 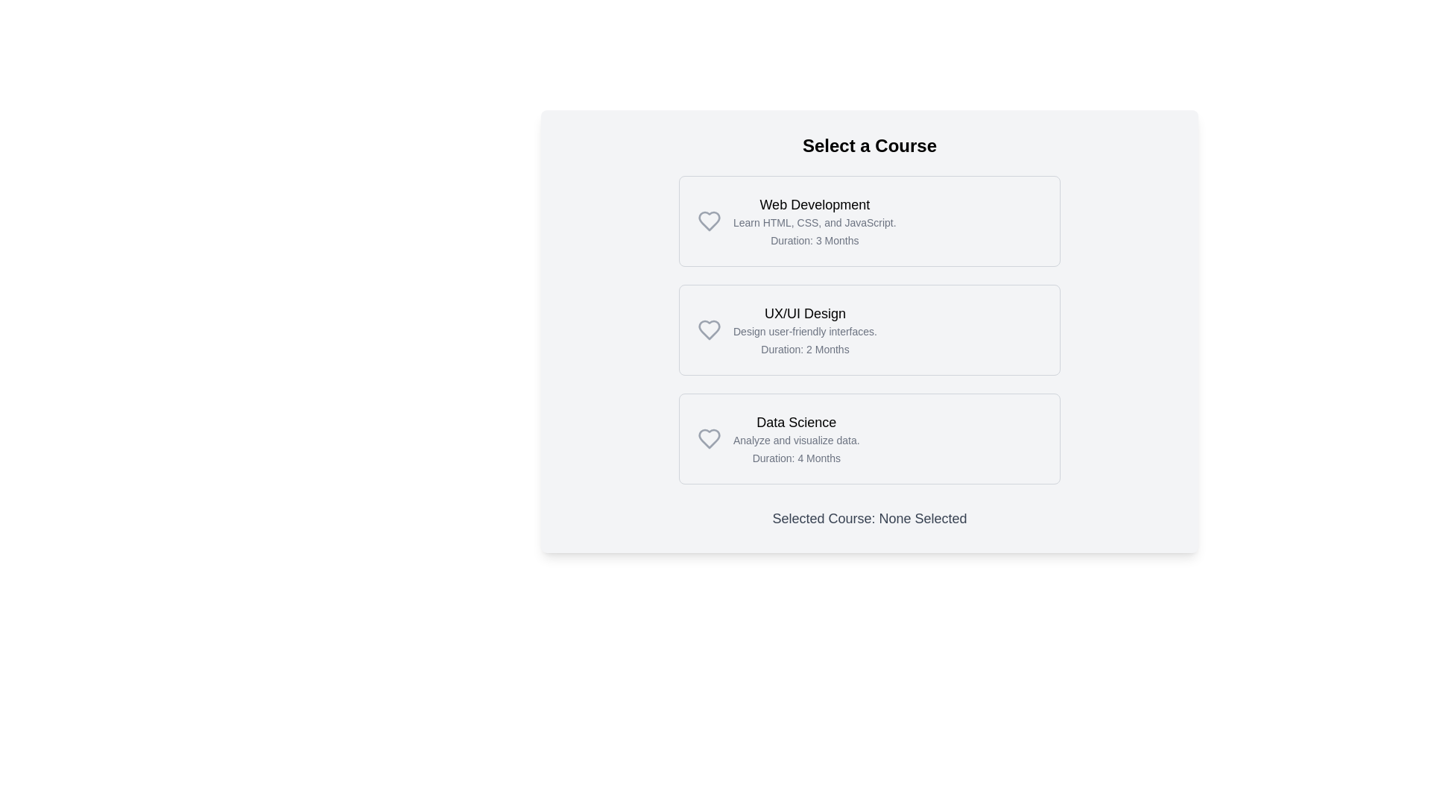 What do you see at coordinates (795, 439) in the screenshot?
I see `descriptive text label about the 'Data Science' course, which is located below the 'Data Science' title and above 'Duration: 4 Months'` at bounding box center [795, 439].